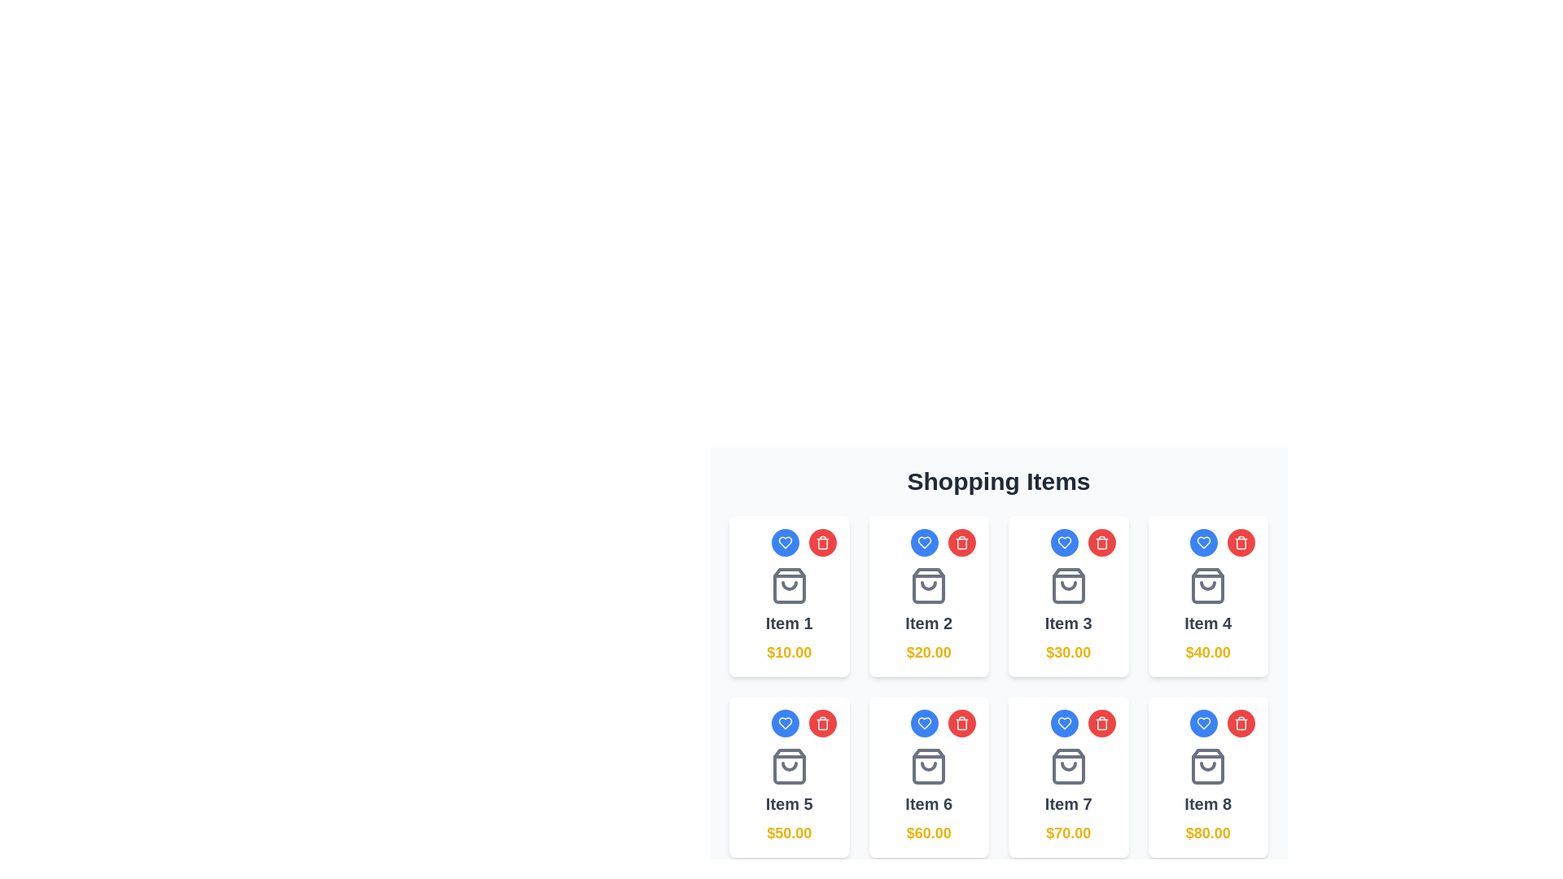 Image resolution: width=1563 pixels, height=879 pixels. I want to click on the shopping bag icon located in the 'Item 7' section of the shopping grid, positioned directly above the text '$70.00', so click(1068, 766).